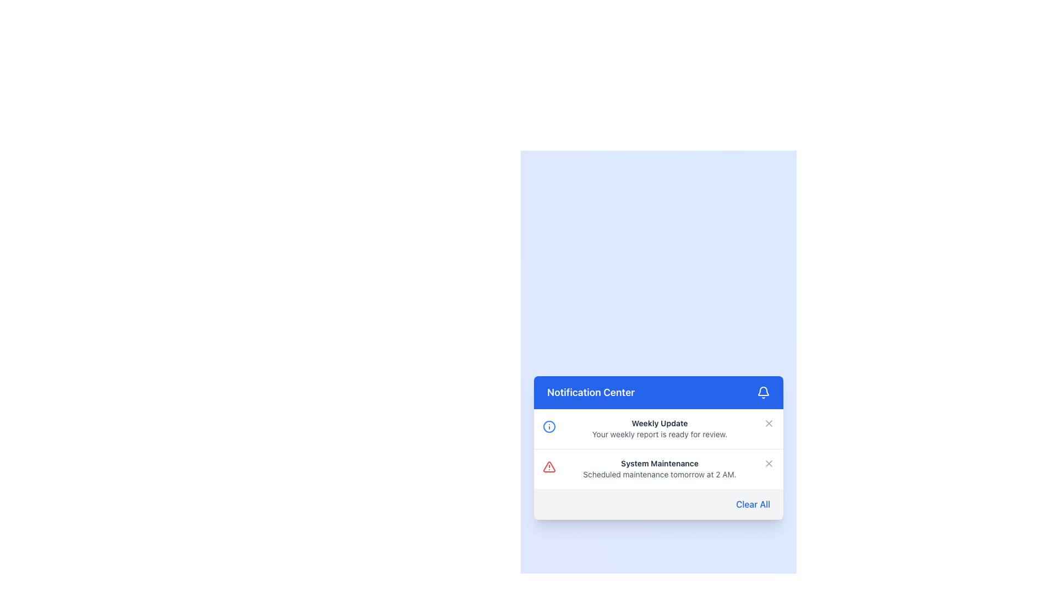 This screenshot has width=1057, height=594. Describe the element at coordinates (549, 426) in the screenshot. I see `the circular information icon with a blue border located in the second column of the 'Weekly Update' line in the notification dropdown to invoke a related action` at that location.